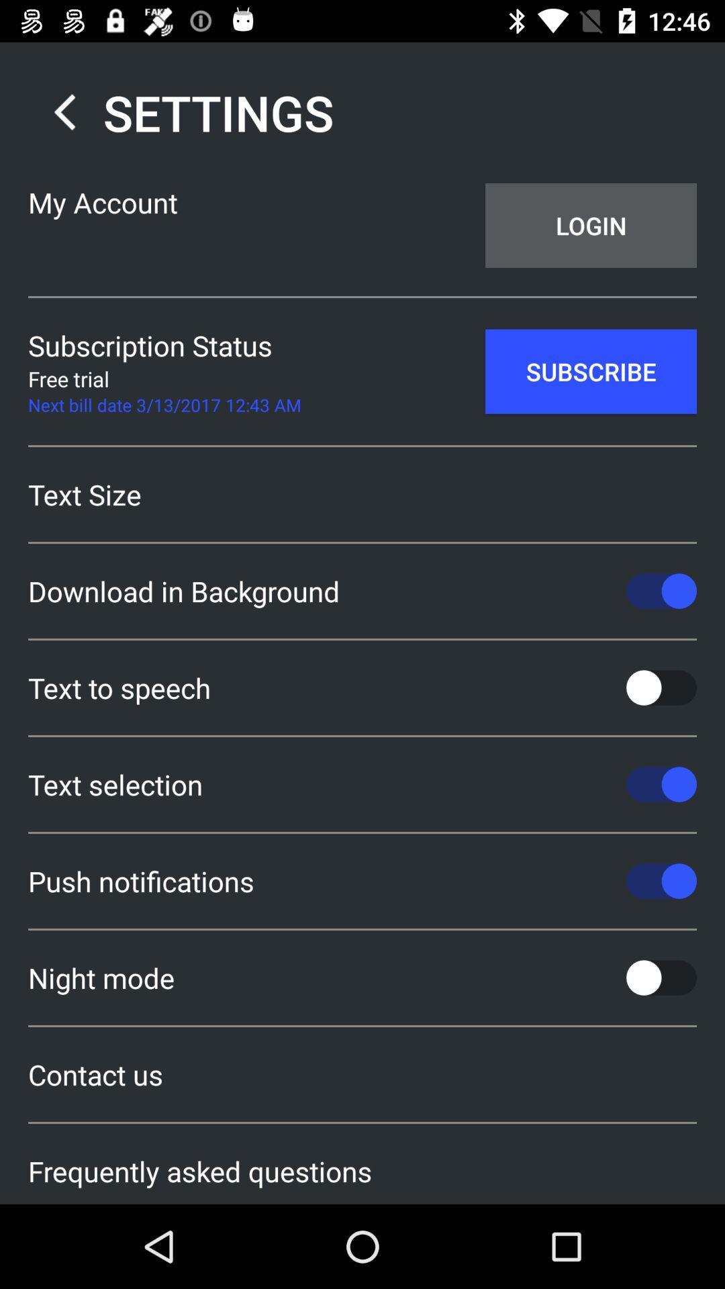  I want to click on the night mode icon, so click(362, 977).